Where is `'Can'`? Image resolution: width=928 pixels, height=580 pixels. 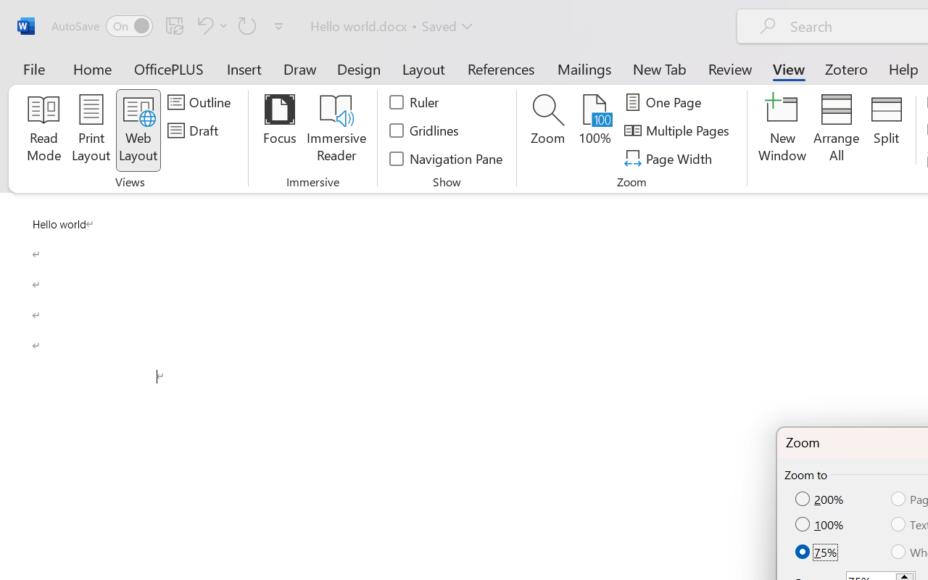
'Can' is located at coordinates (247, 25).